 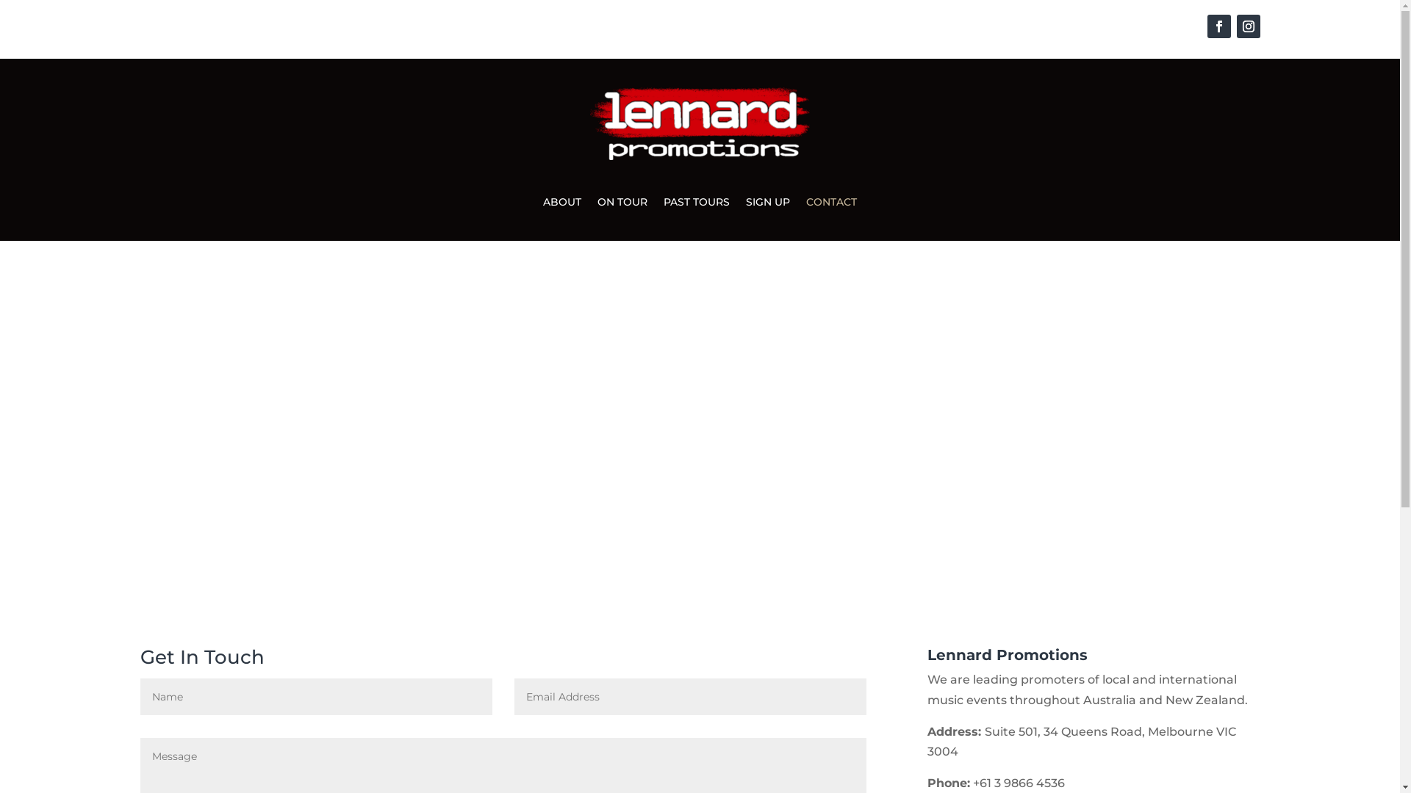 I want to click on 'CONTACT', so click(x=831, y=204).